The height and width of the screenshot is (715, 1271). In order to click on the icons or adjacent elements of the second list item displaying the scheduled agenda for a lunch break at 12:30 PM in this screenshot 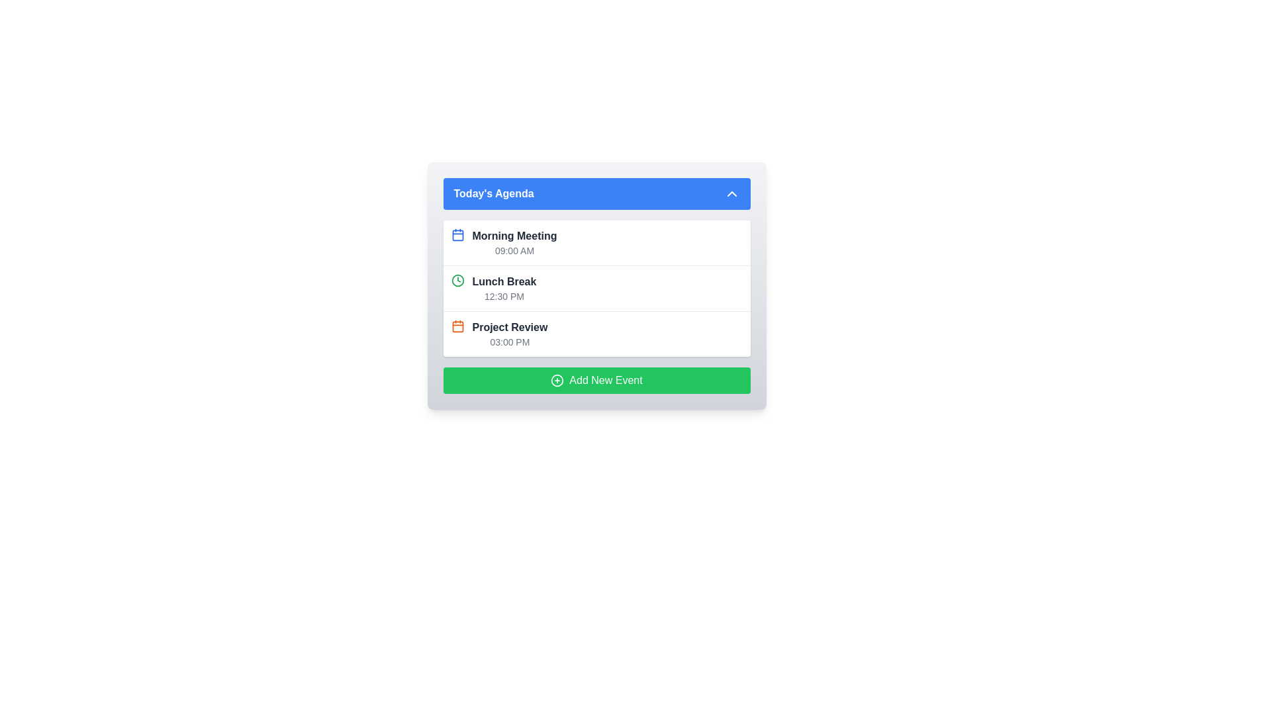, I will do `click(596, 287)`.